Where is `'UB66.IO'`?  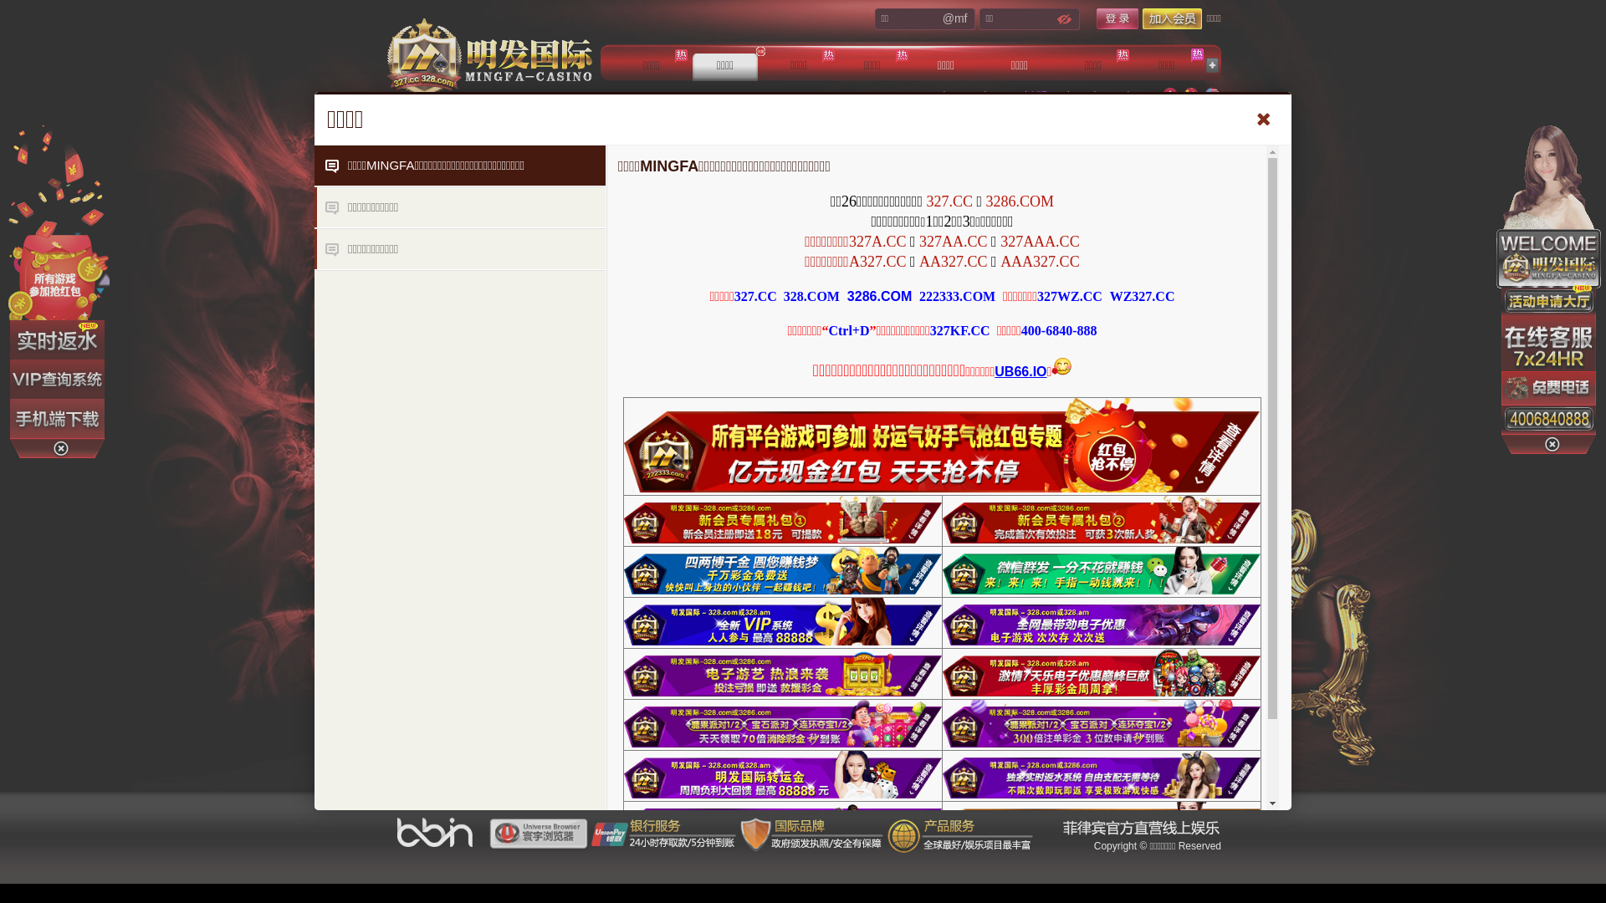 'UB66.IO' is located at coordinates (1019, 370).